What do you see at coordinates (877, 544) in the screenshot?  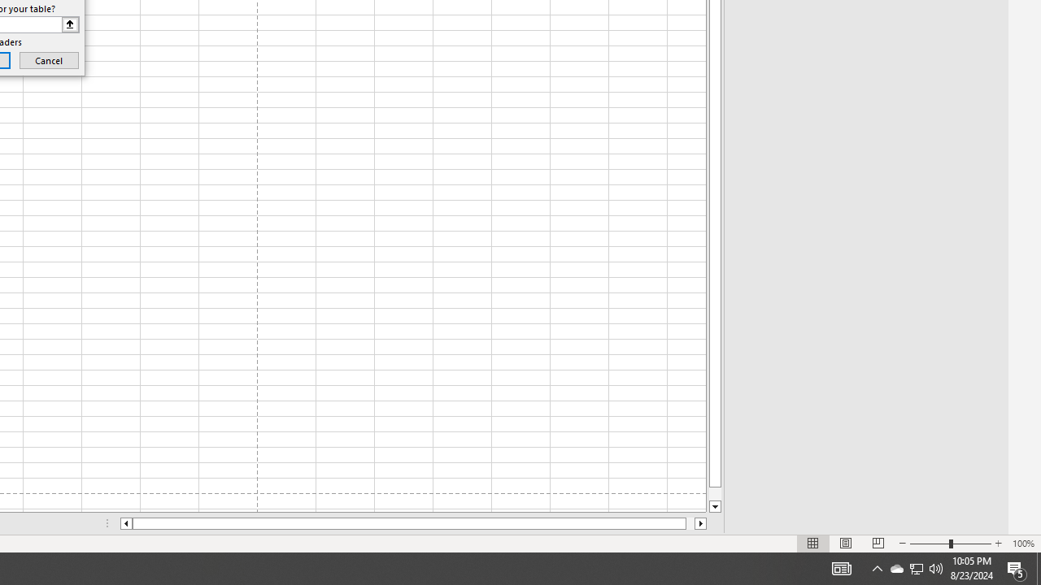 I see `'Page Break Preview'` at bounding box center [877, 544].